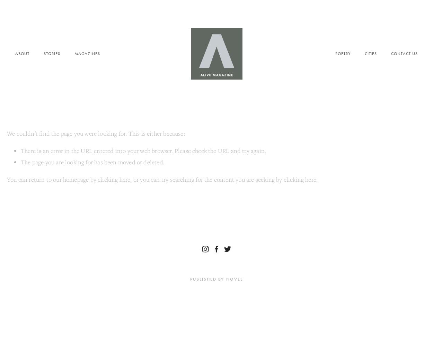 Image resolution: width=433 pixels, height=346 pixels. I want to click on 'We couldn't find the page you were looking for. This is either because:', so click(7, 133).